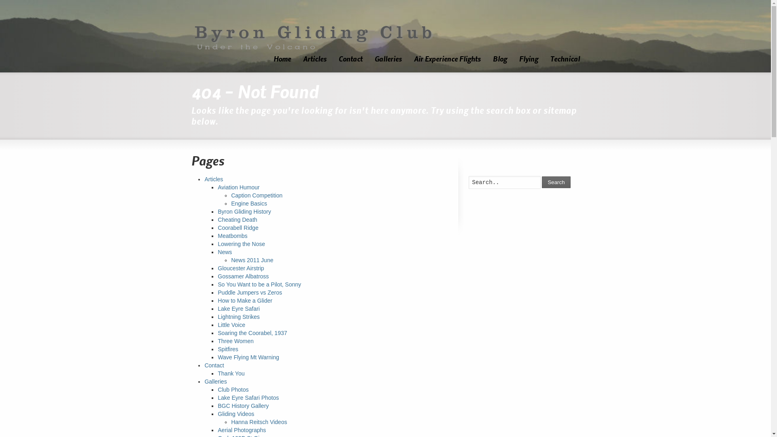 The width and height of the screenshot is (777, 437). I want to click on 'Hanna Reitsch Videos', so click(231, 421).